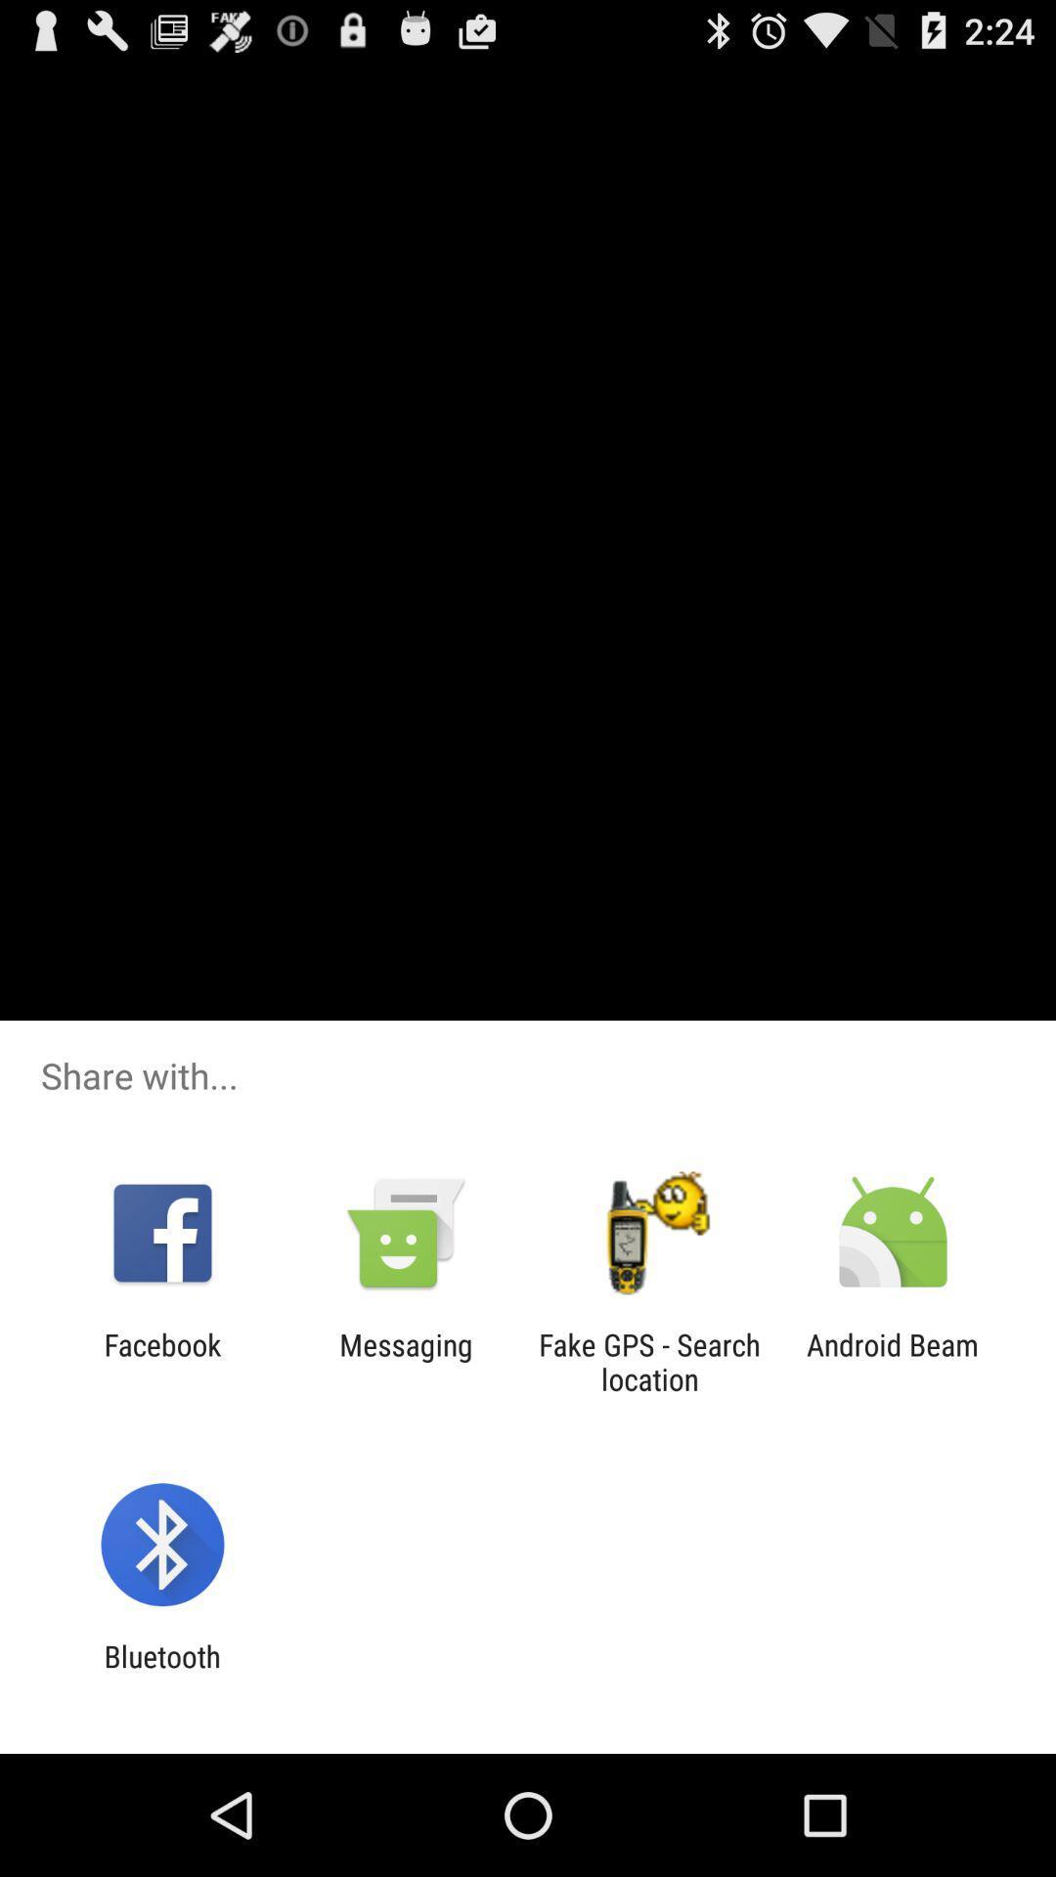  Describe the element at coordinates (405, 1361) in the screenshot. I see `app next to fake gps search` at that location.